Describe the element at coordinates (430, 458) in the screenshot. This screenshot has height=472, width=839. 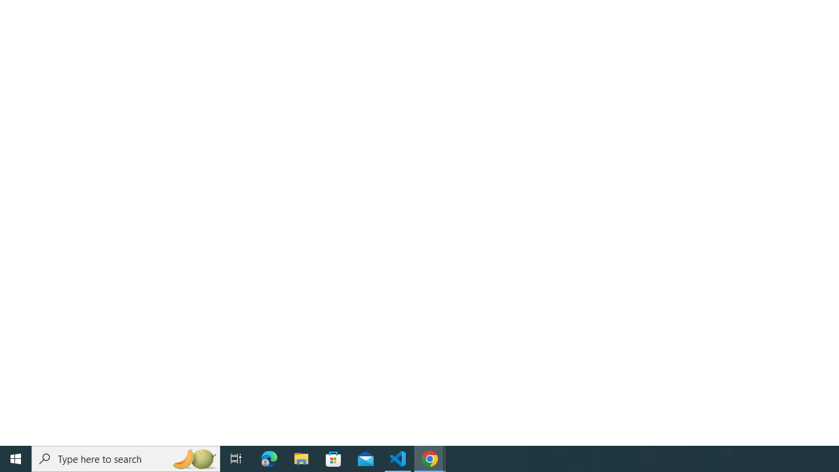
I see `'Google Chrome - 2 running windows'` at that location.